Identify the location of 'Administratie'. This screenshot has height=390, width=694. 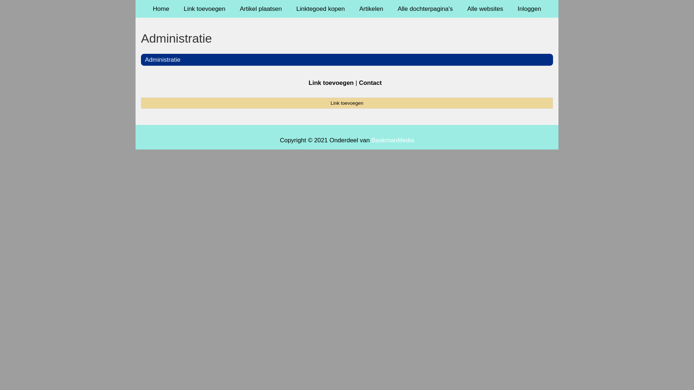
(162, 59).